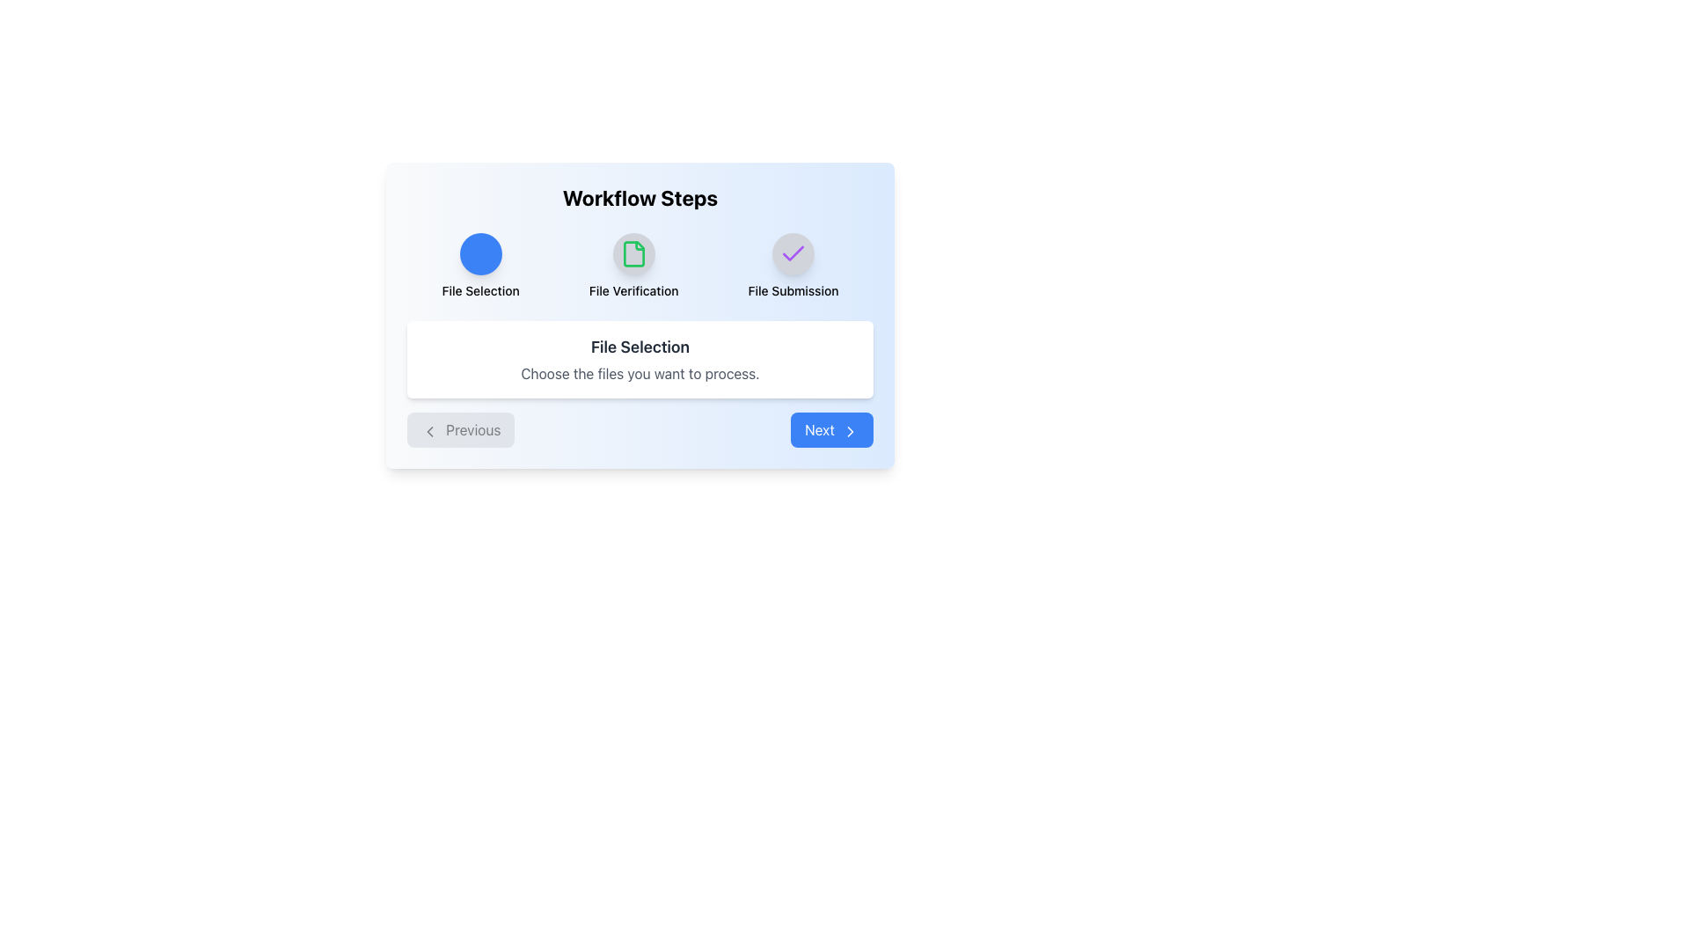 The image size is (1689, 950). I want to click on the Text Label that provides a title or description related to the action represented by the blue icon above it, located centrally in the interface, so click(480, 290).